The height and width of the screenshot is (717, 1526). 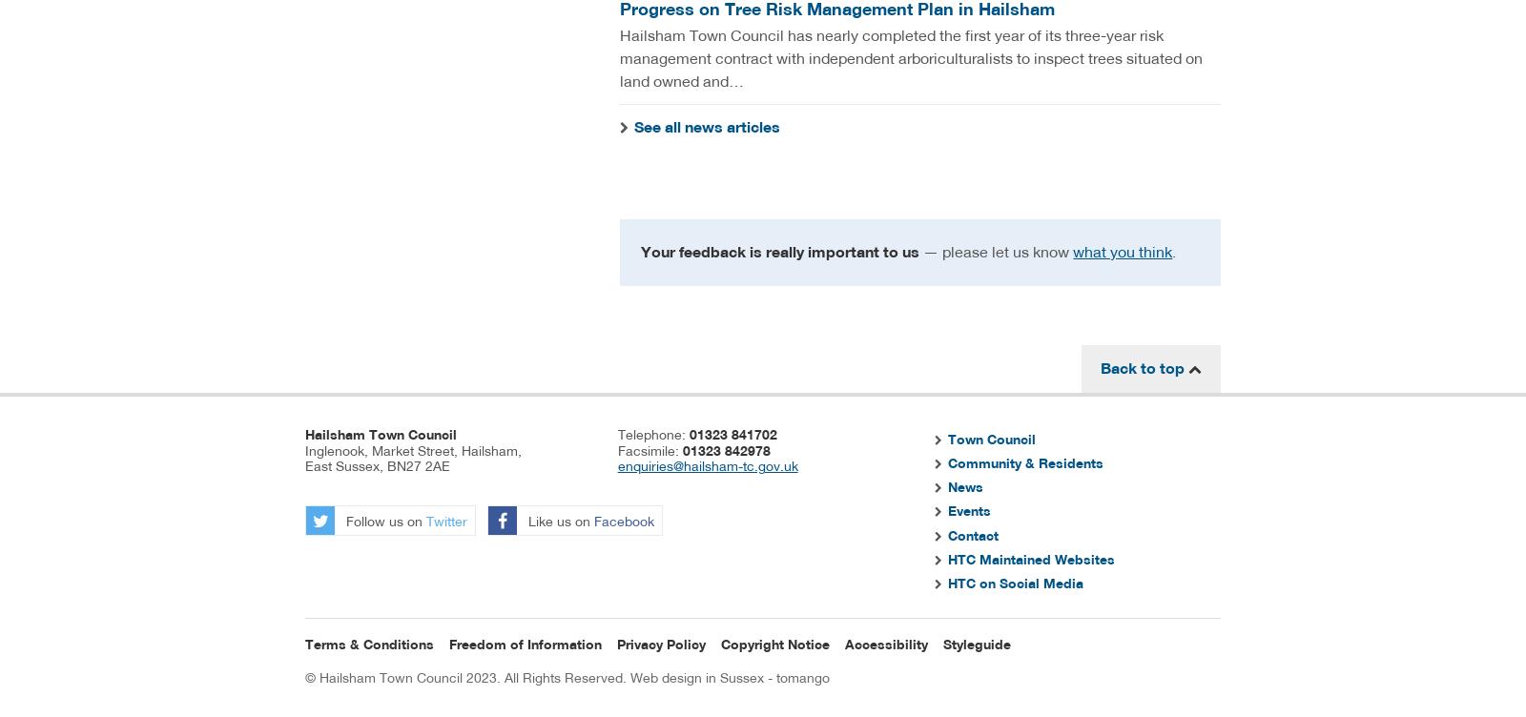 What do you see at coordinates (946, 533) in the screenshot?
I see `'Contact'` at bounding box center [946, 533].